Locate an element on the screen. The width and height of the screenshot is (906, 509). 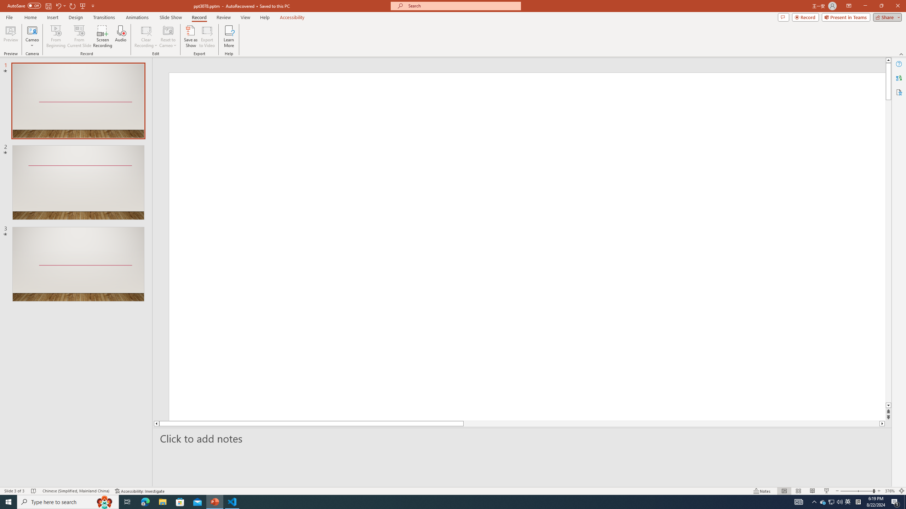
'Export to Video' is located at coordinates (206, 36).